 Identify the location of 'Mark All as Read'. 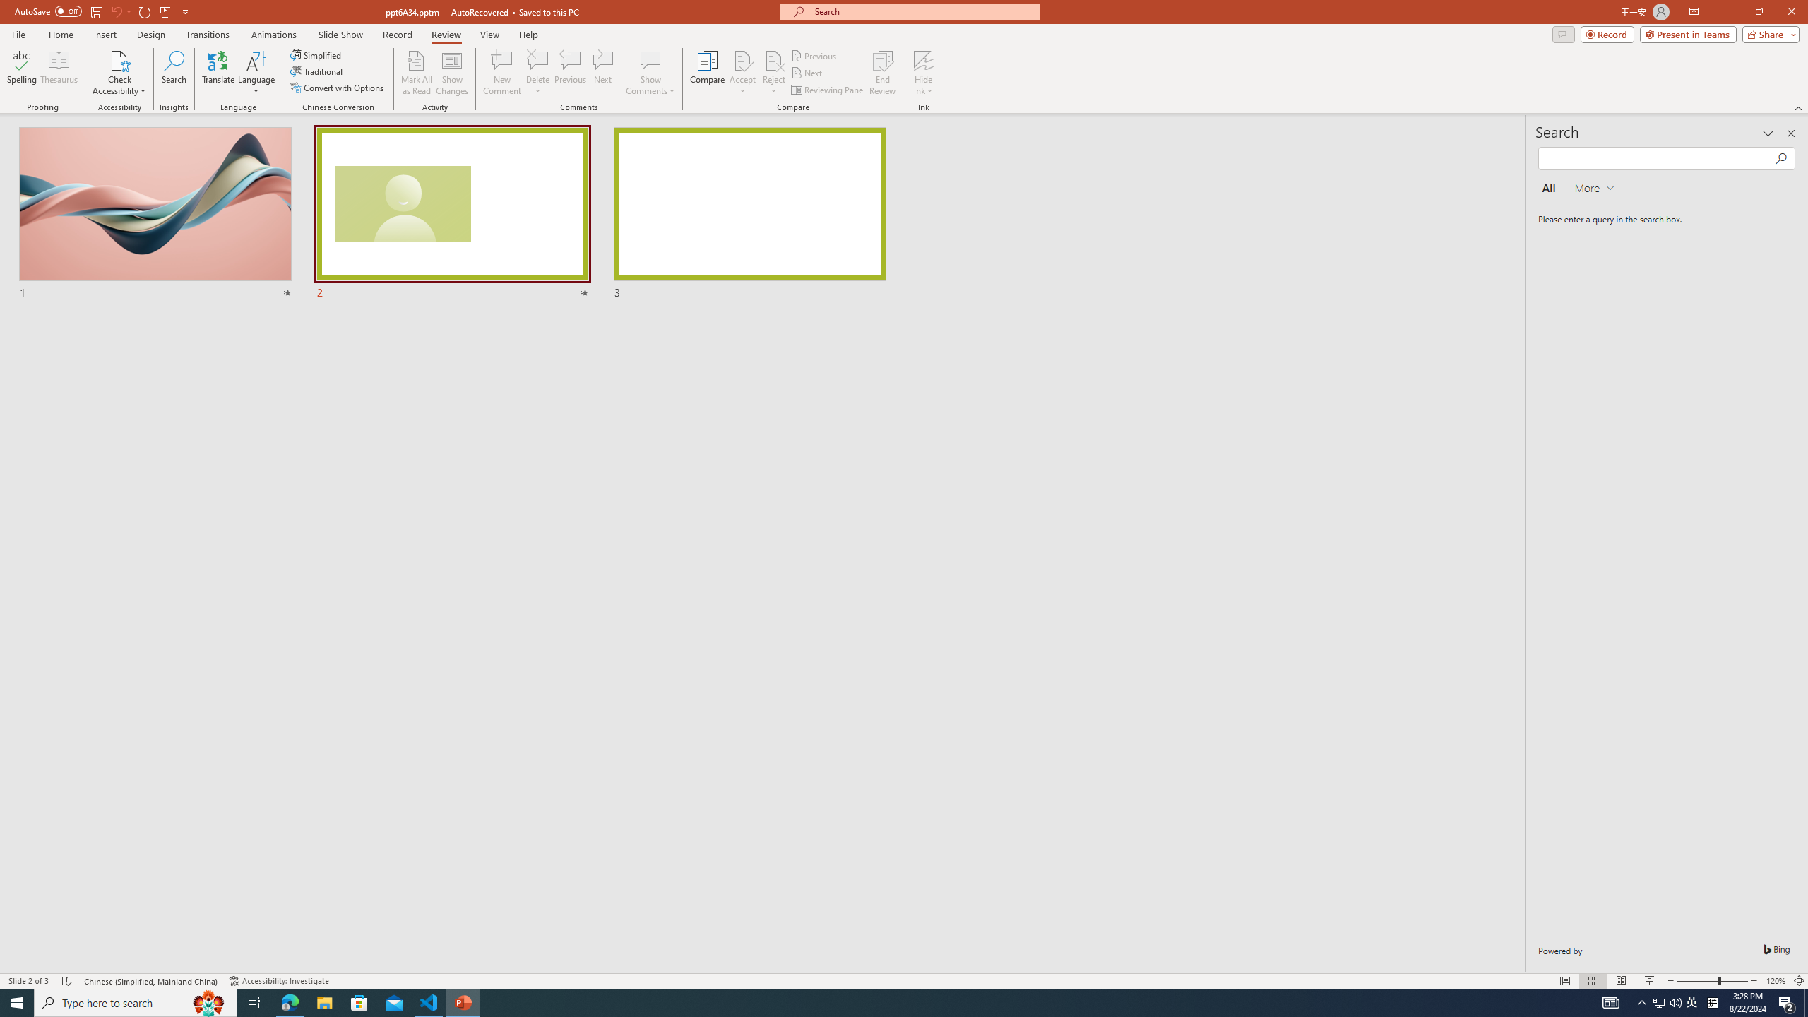
(417, 73).